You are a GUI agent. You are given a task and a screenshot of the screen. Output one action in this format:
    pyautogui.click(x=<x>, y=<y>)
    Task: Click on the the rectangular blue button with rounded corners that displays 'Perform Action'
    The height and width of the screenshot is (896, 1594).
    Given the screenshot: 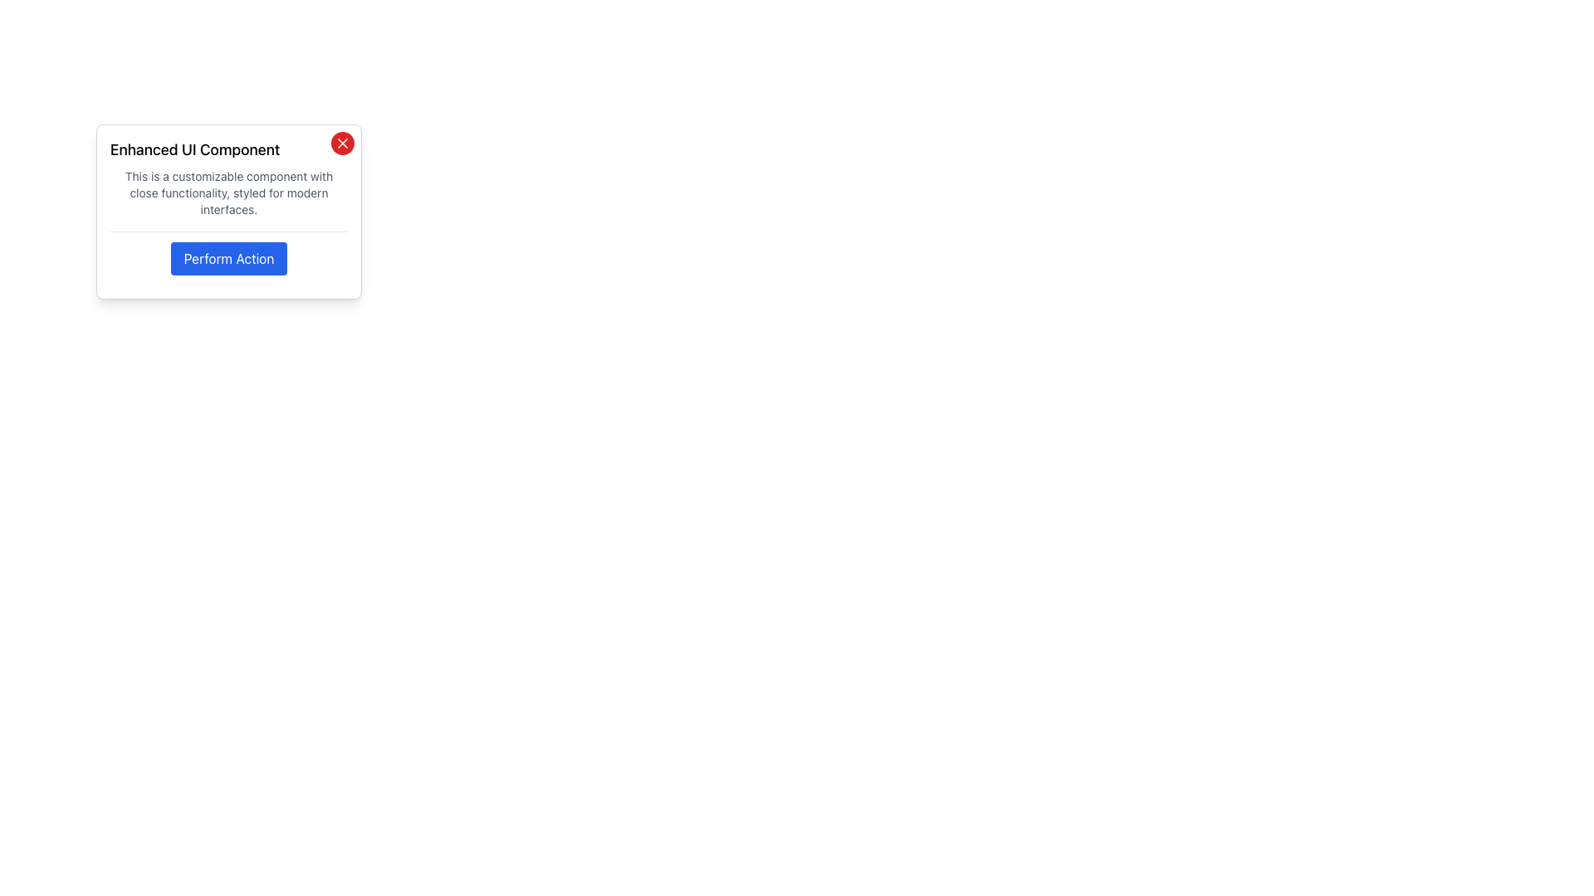 What is the action you would take?
    pyautogui.click(x=227, y=258)
    